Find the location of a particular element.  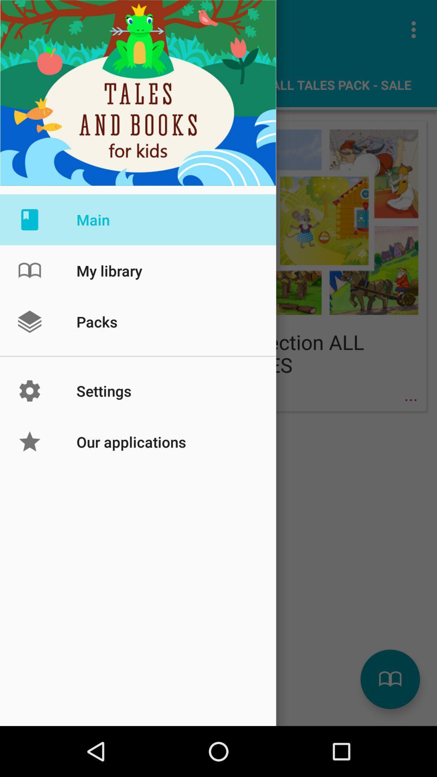

the book icon is located at coordinates (390, 679).